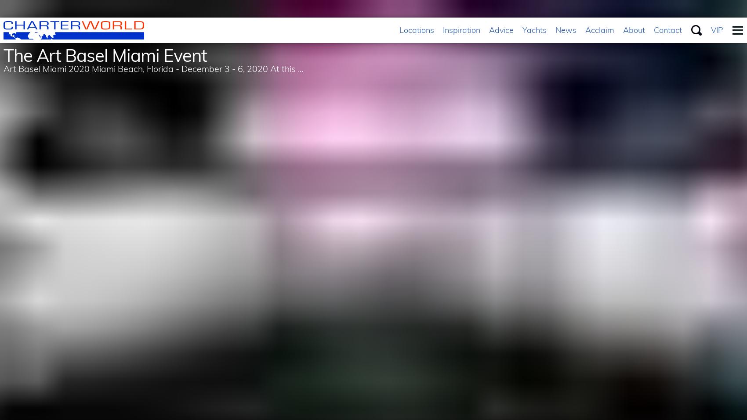 The height and width of the screenshot is (420, 747). Describe the element at coordinates (461, 29) in the screenshot. I see `'Inspiration'` at that location.